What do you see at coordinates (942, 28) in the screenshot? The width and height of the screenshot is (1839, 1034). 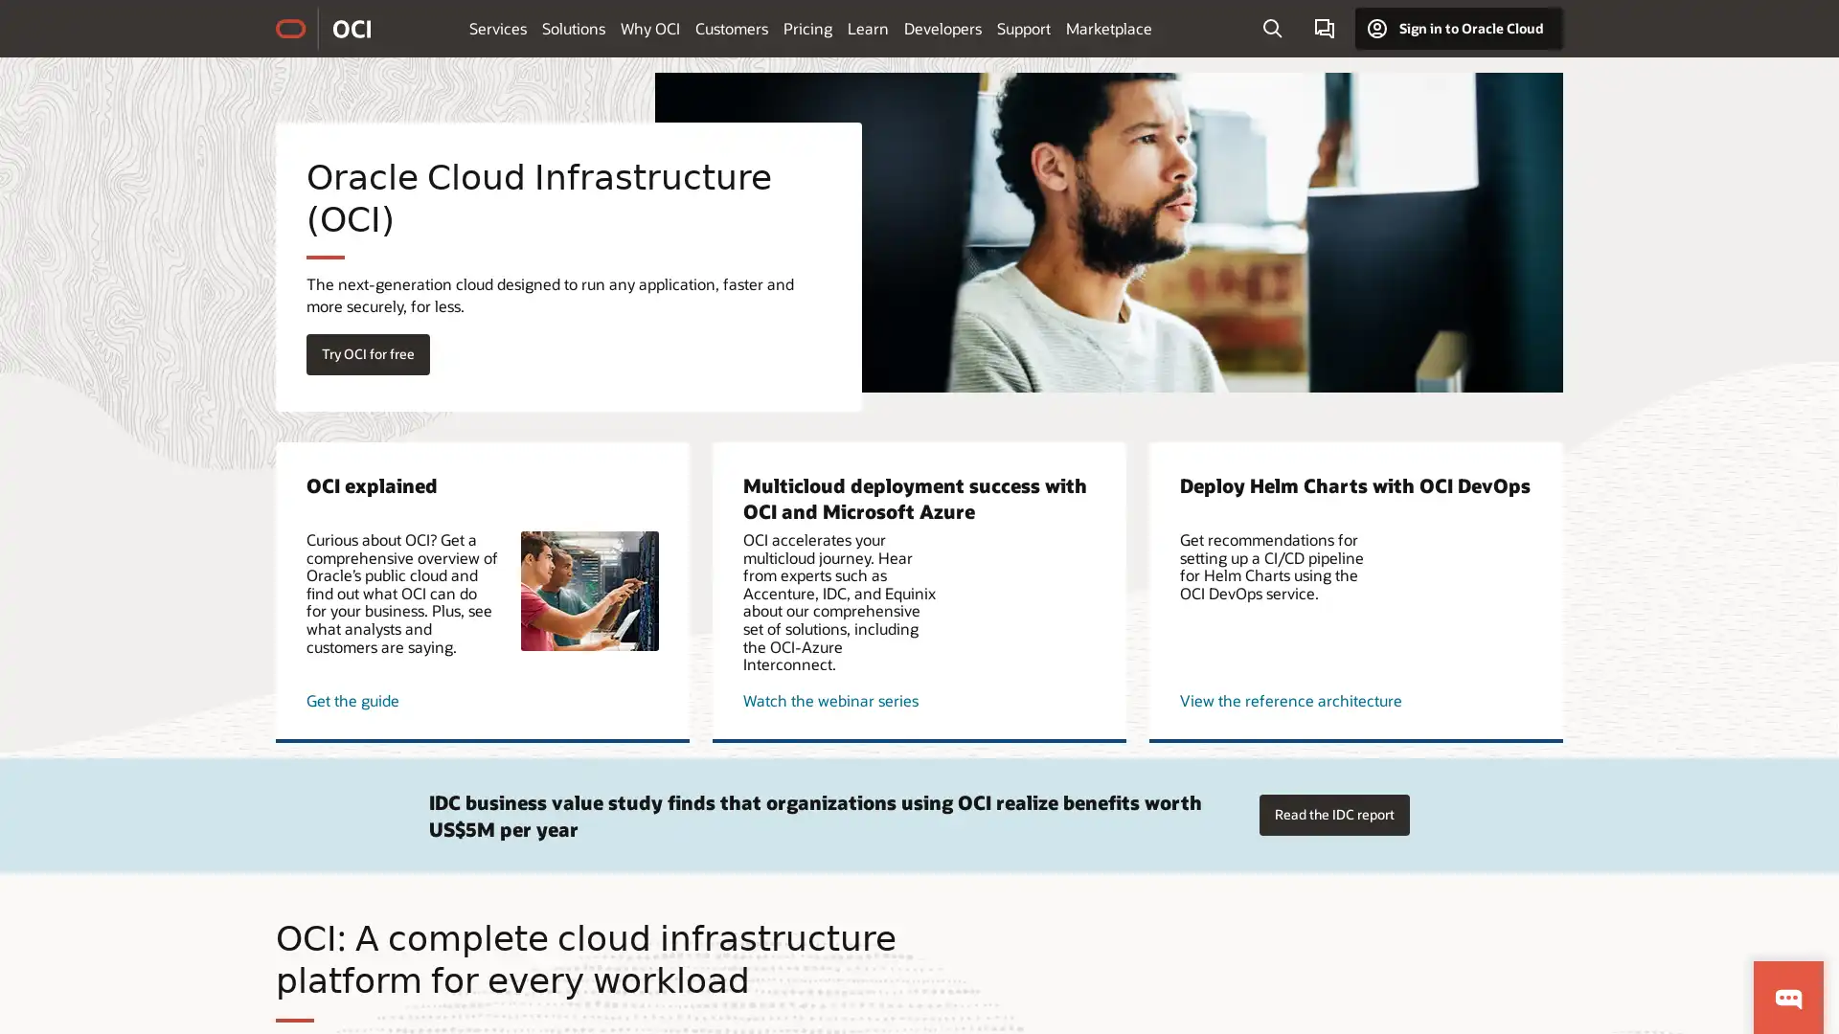 I see `Developers` at bounding box center [942, 28].